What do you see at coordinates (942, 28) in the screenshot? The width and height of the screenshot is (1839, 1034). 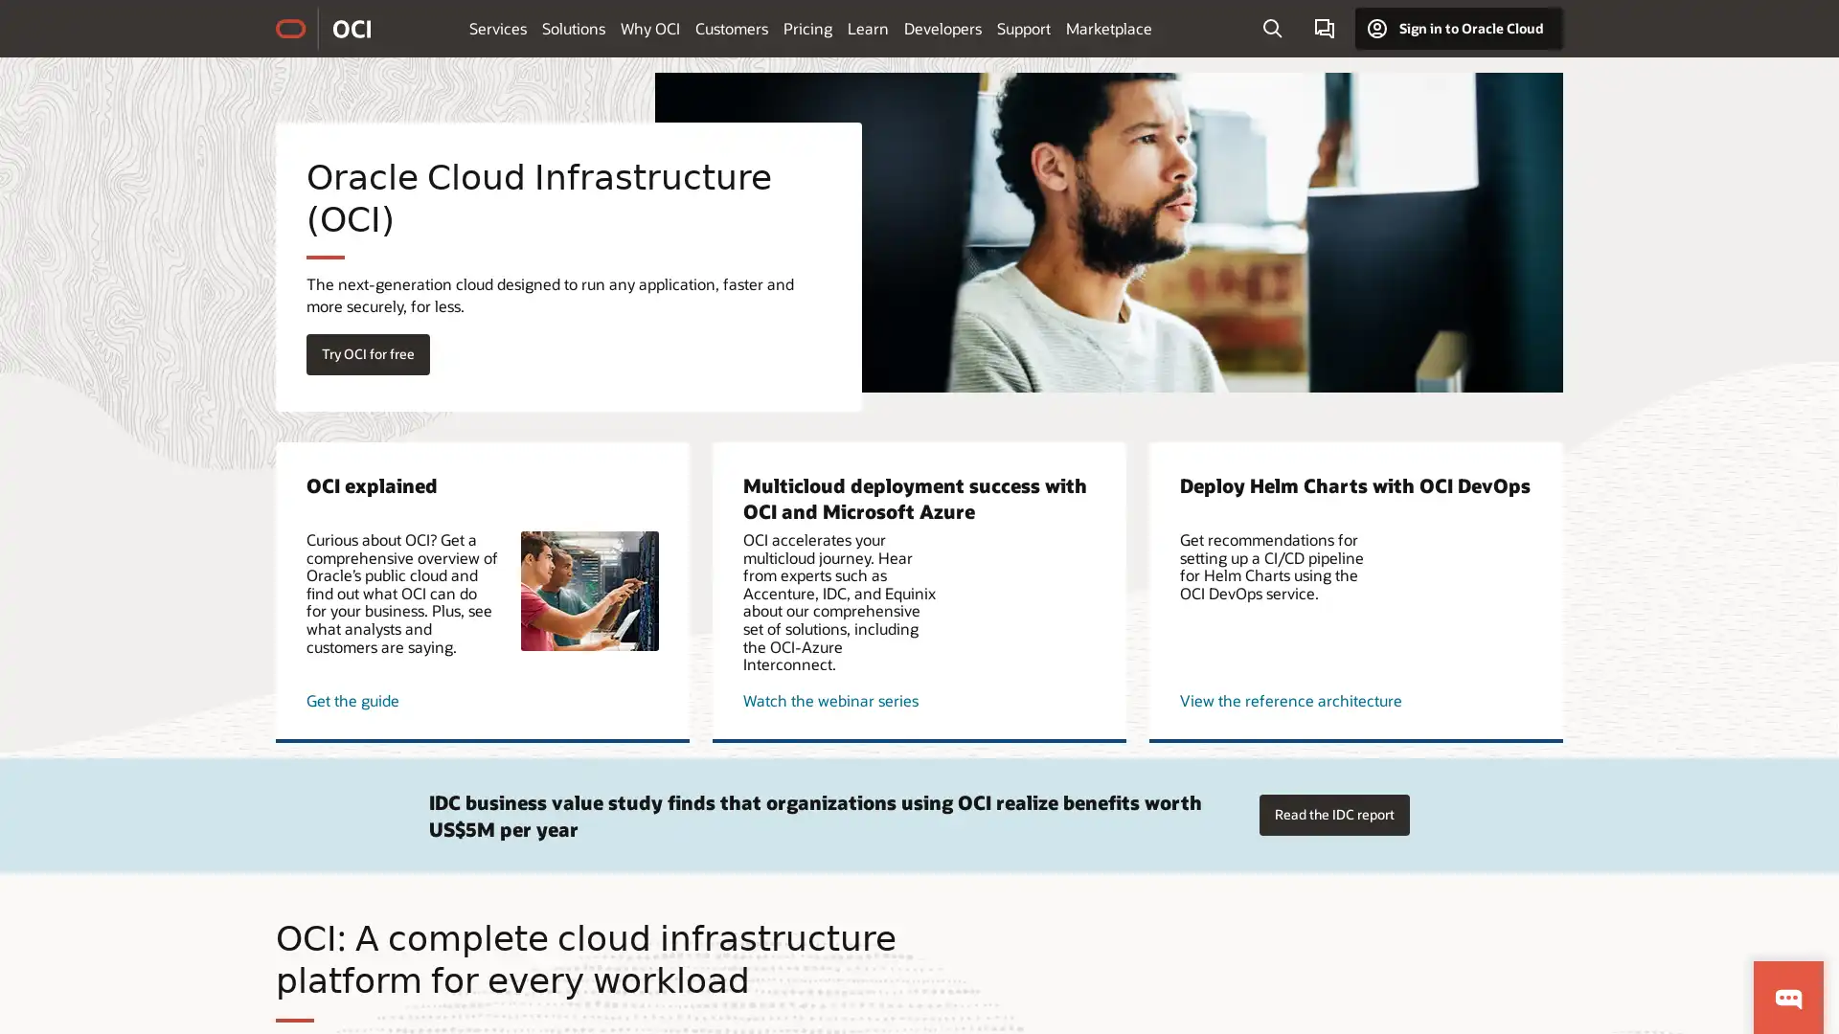 I see `Developers` at bounding box center [942, 28].